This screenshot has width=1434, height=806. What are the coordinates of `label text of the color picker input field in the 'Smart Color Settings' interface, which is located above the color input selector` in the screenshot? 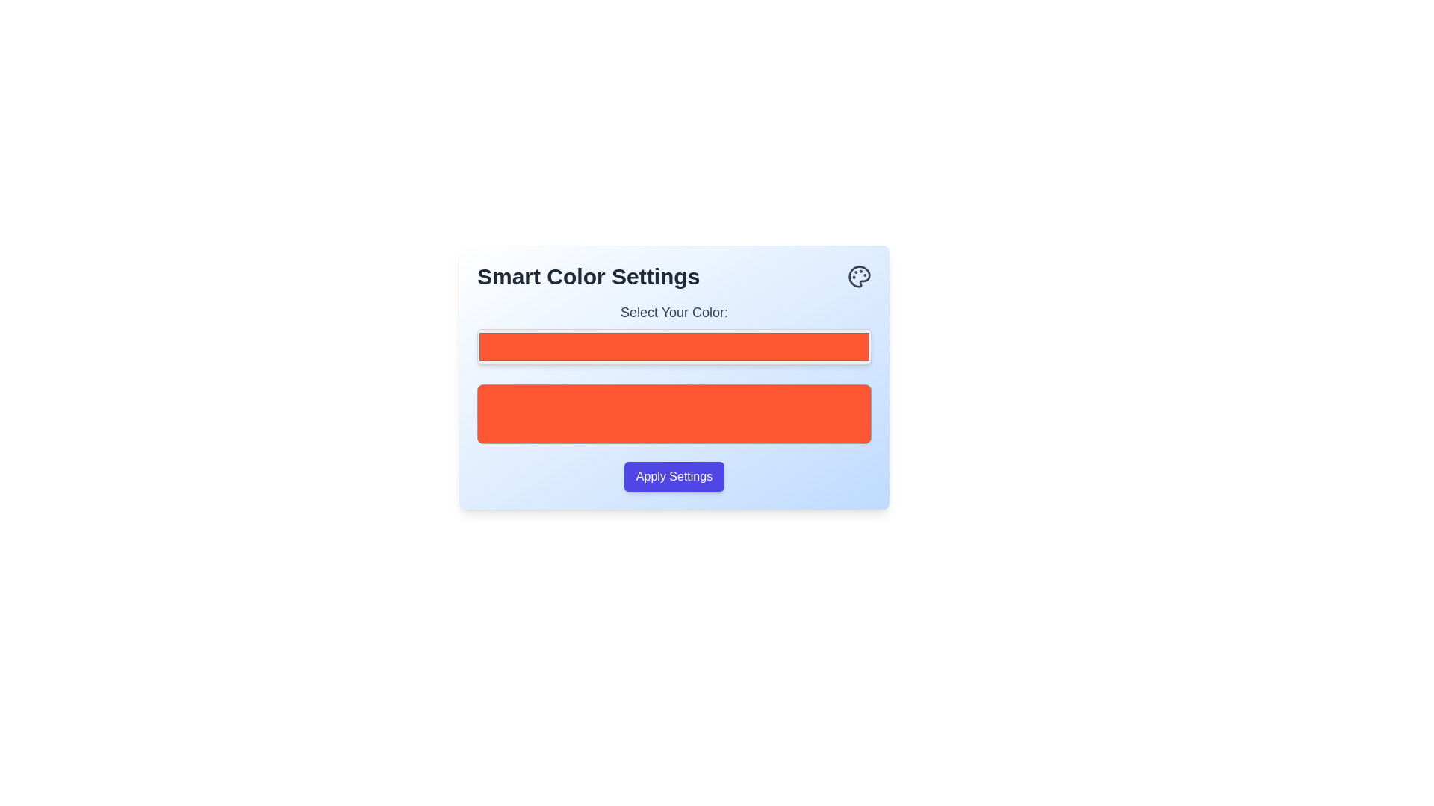 It's located at (673, 333).